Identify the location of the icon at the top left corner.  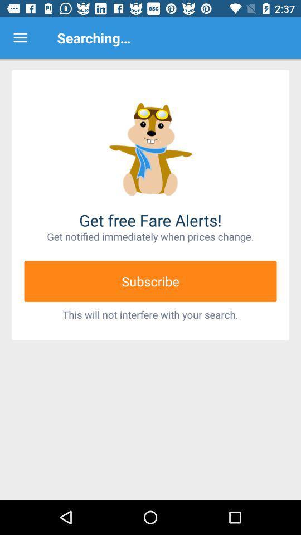
(20, 38).